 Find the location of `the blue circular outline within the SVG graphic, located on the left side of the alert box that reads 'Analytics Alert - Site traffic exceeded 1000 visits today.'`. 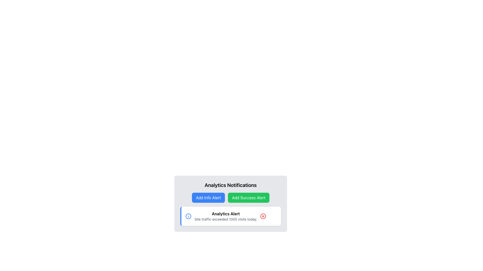

the blue circular outline within the SVG graphic, located on the left side of the alert box that reads 'Analytics Alert - Site traffic exceeded 1000 visits today.' is located at coordinates (188, 216).